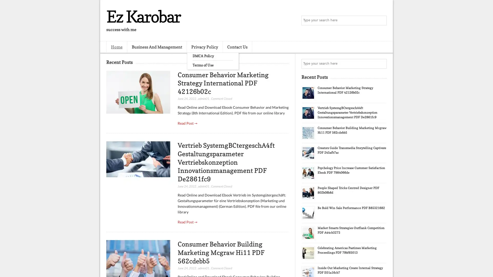  What do you see at coordinates (381, 64) in the screenshot?
I see `Search` at bounding box center [381, 64].